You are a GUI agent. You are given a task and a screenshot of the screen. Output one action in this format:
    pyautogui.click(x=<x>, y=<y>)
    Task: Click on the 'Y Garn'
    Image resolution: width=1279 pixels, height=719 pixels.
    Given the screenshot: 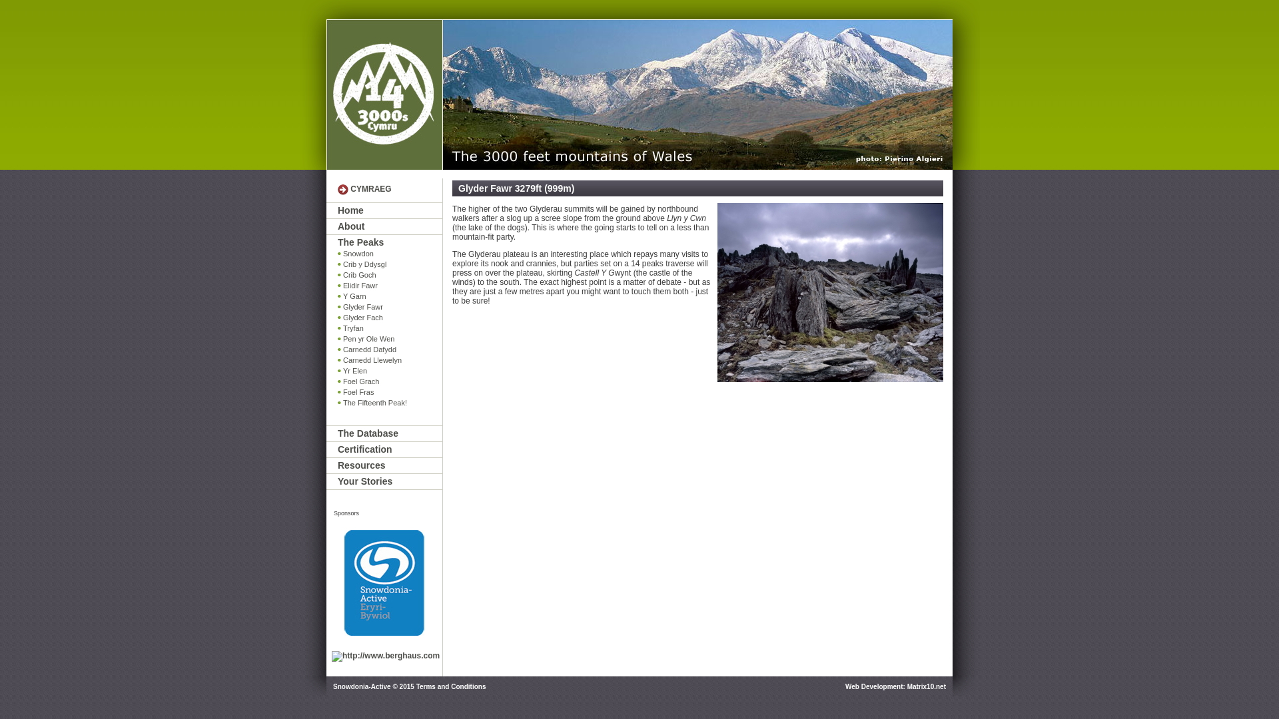 What is the action you would take?
    pyautogui.click(x=389, y=296)
    